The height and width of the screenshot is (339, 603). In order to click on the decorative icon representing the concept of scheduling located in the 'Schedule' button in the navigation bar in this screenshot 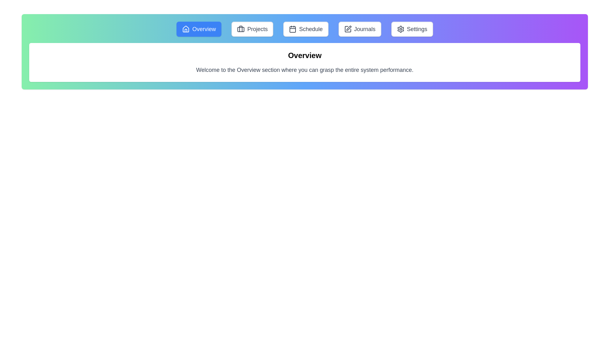, I will do `click(292, 29)`.